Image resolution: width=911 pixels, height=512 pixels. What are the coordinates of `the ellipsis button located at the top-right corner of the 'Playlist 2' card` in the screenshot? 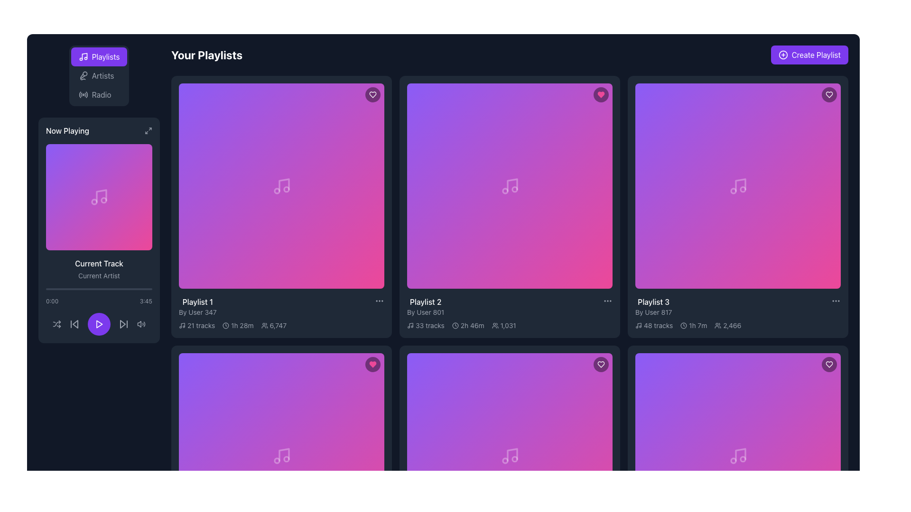 It's located at (608, 301).